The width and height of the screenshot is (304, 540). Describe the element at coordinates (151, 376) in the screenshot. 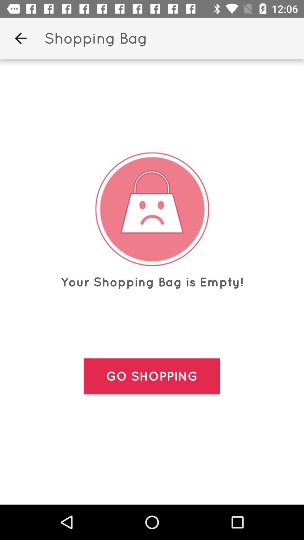

I see `the go shopping item` at that location.